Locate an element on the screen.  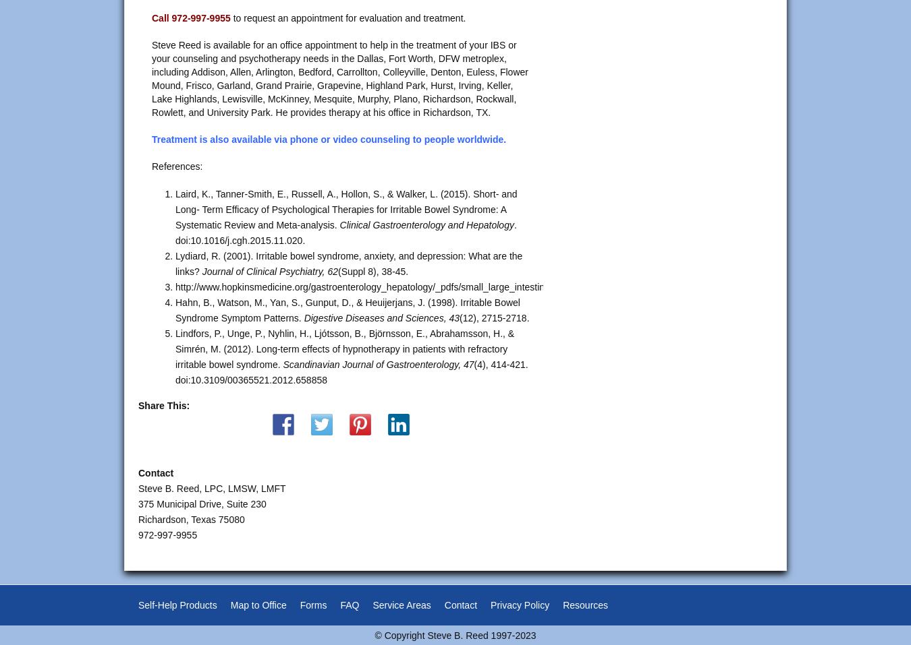
'© Copyright Steve B. Reed 1997-2023' is located at coordinates (373, 636).